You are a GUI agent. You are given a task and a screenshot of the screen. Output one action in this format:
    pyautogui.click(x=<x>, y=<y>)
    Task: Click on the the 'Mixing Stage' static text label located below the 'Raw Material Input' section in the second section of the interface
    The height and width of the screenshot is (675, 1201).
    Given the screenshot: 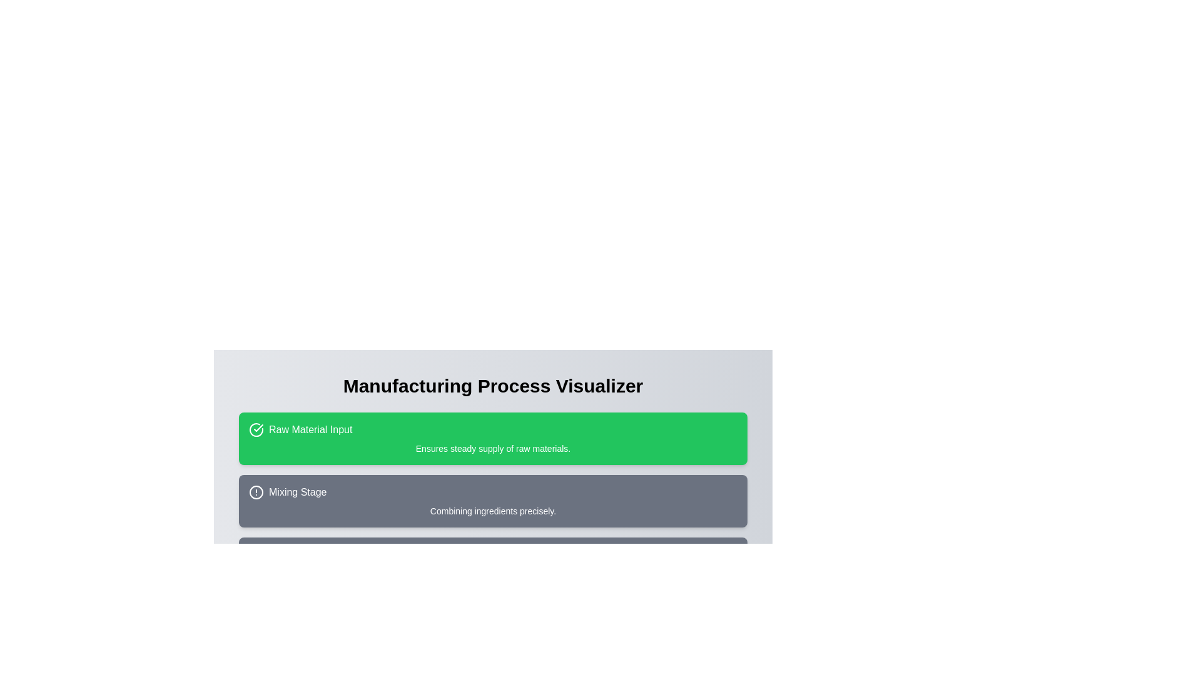 What is the action you would take?
    pyautogui.click(x=297, y=491)
    